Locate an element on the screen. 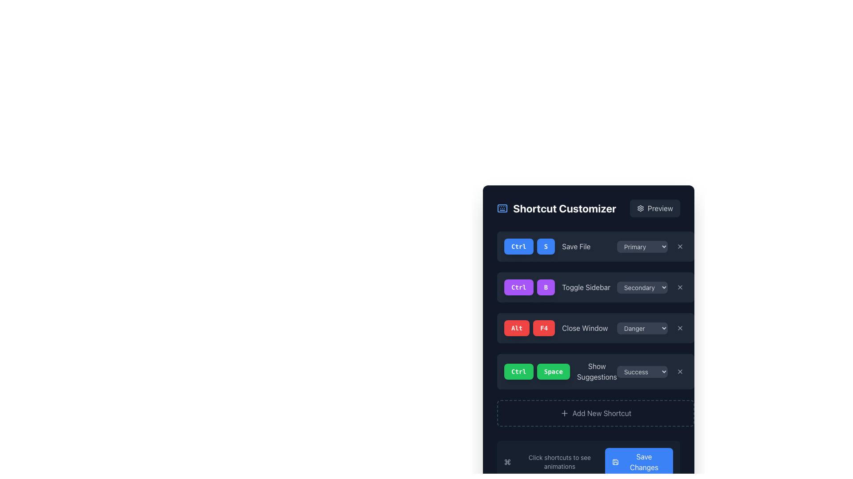 Image resolution: width=853 pixels, height=479 pixels. the Non-interactive label group containing the 'Ctrl' and 'Space' buttons in the Shortcut Customizer interface is located at coordinates (537, 371).